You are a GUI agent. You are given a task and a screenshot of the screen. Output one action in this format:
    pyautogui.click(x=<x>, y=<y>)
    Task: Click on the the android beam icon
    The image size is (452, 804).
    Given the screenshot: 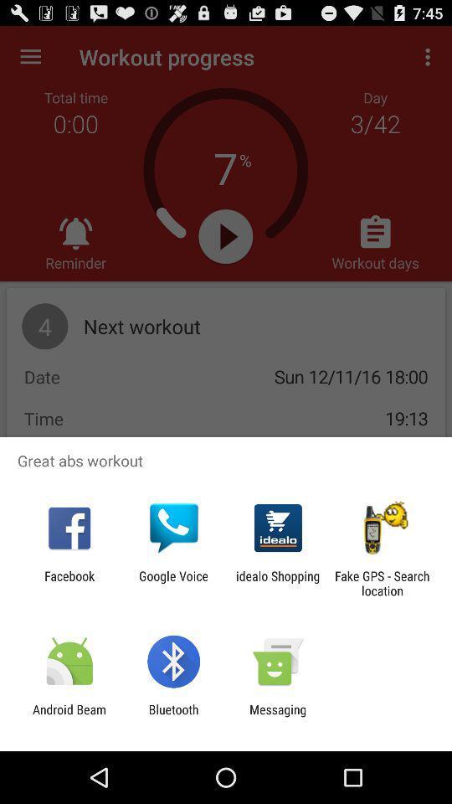 What is the action you would take?
    pyautogui.click(x=69, y=716)
    